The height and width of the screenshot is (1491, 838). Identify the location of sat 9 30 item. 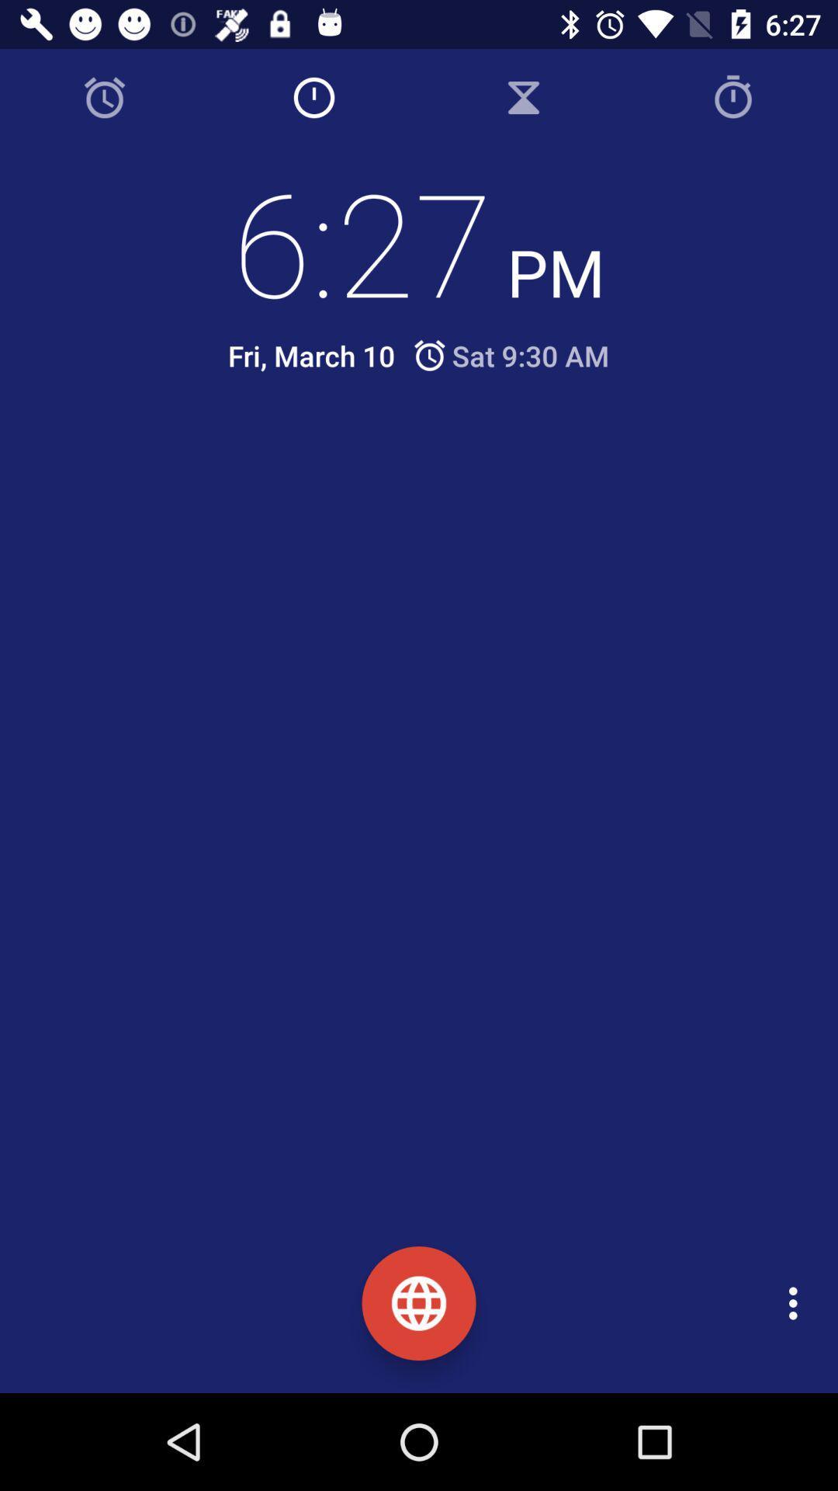
(510, 355).